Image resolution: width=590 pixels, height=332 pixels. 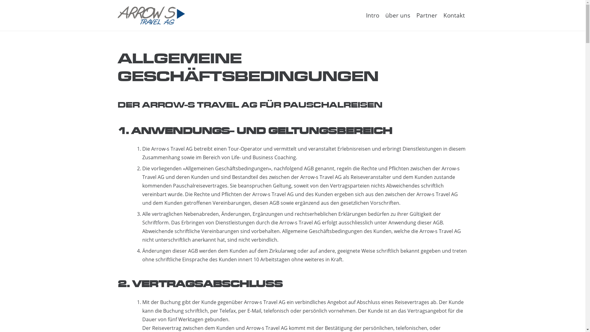 What do you see at coordinates (426, 15) in the screenshot?
I see `'Partner'` at bounding box center [426, 15].